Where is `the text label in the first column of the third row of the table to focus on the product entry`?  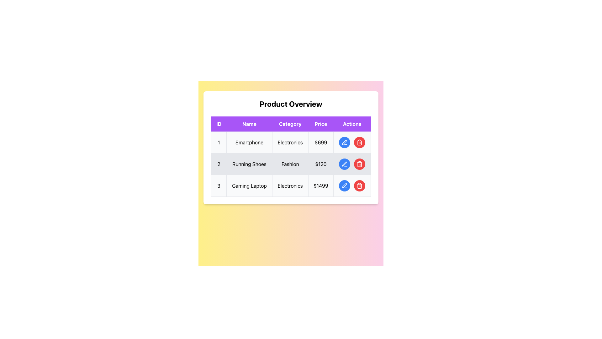 the text label in the first column of the third row of the table to focus on the product entry is located at coordinates (219, 185).